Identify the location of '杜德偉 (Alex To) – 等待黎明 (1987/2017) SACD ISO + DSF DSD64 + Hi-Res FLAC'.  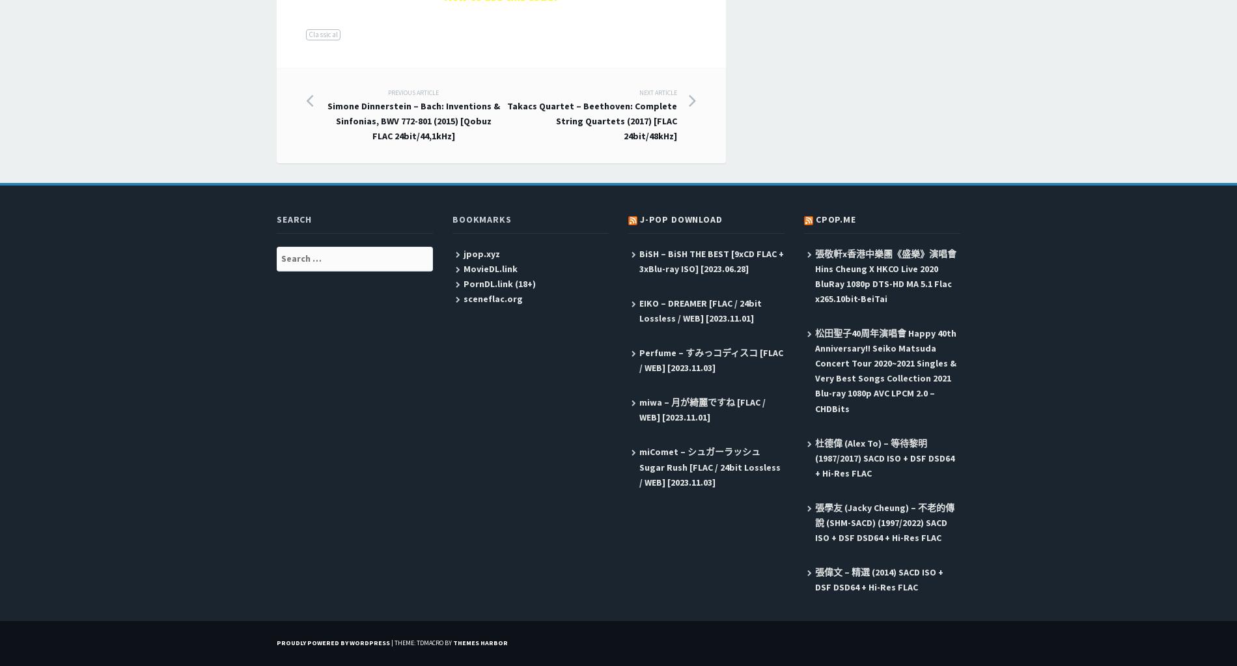
(883, 457).